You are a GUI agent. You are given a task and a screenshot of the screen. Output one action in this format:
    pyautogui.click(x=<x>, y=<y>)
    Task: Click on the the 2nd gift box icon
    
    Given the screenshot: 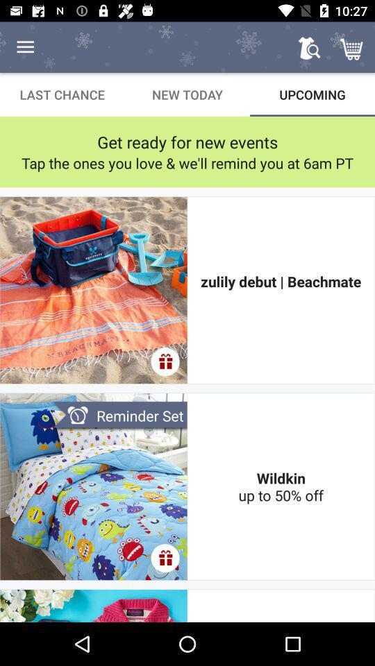 What is the action you would take?
    pyautogui.click(x=165, y=558)
    